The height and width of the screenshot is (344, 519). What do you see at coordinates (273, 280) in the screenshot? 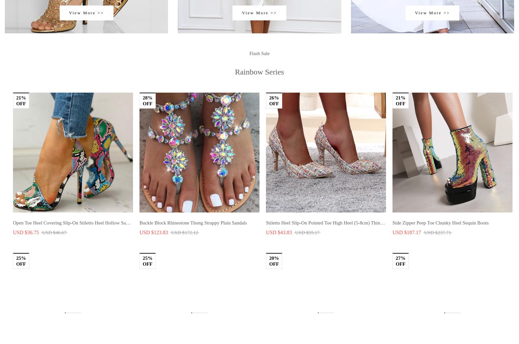
I see `'22%'` at bounding box center [273, 280].